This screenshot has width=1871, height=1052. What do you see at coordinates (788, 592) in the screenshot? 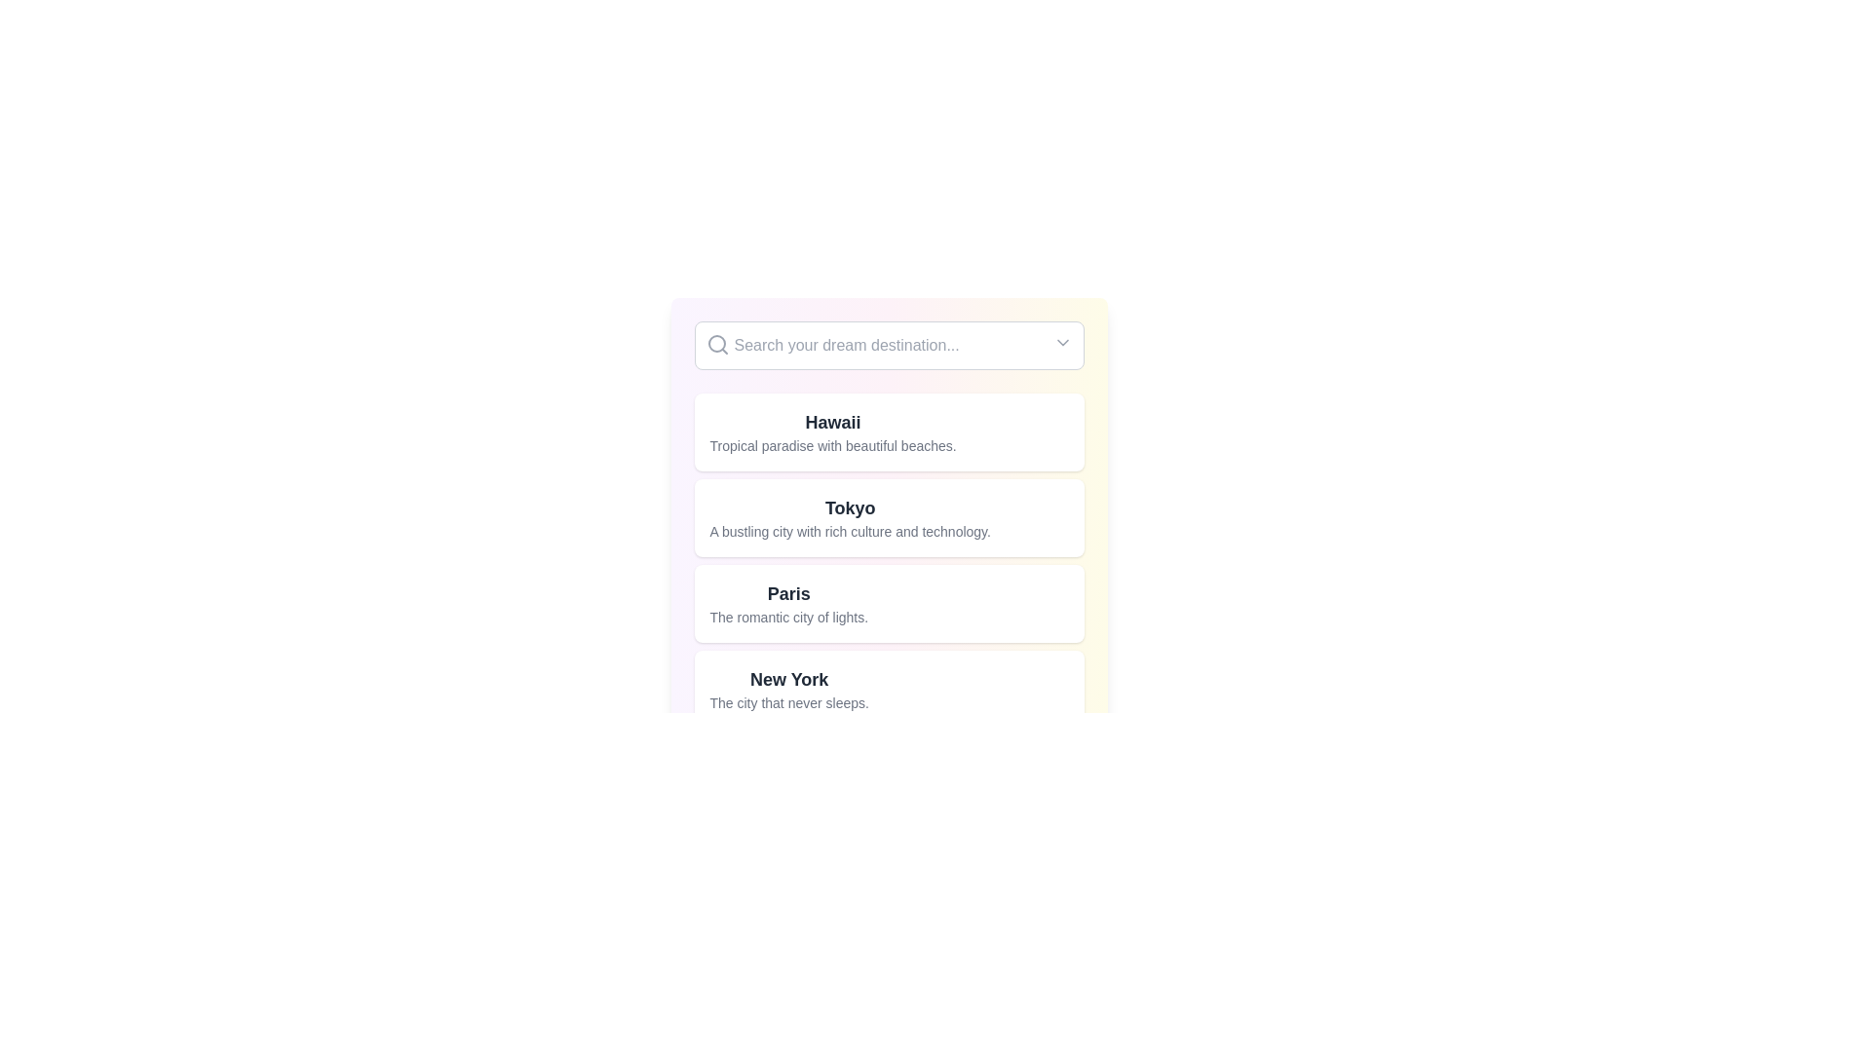
I see `the text label displaying 'Paris', which is styled in bold and larger font size, serving as the header for the description of the Paris section in the destinations list` at bounding box center [788, 592].